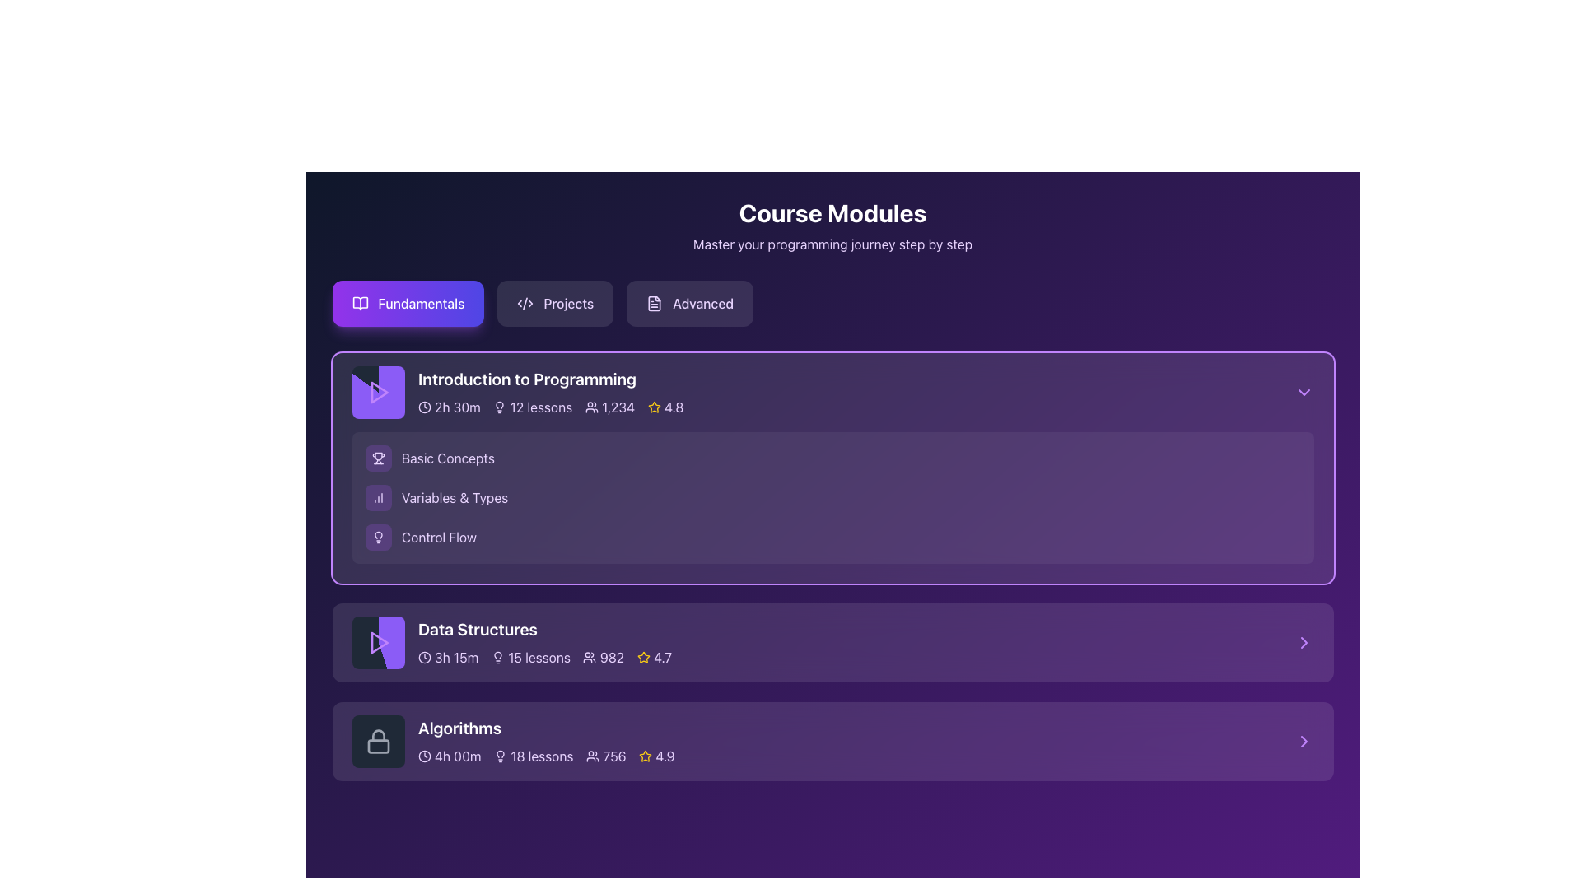 The height and width of the screenshot is (889, 1581). I want to click on the small yellow star icon representing the rating indicator in the 'Introduction to Programming' section, located to the right of the header text, so click(642, 656).